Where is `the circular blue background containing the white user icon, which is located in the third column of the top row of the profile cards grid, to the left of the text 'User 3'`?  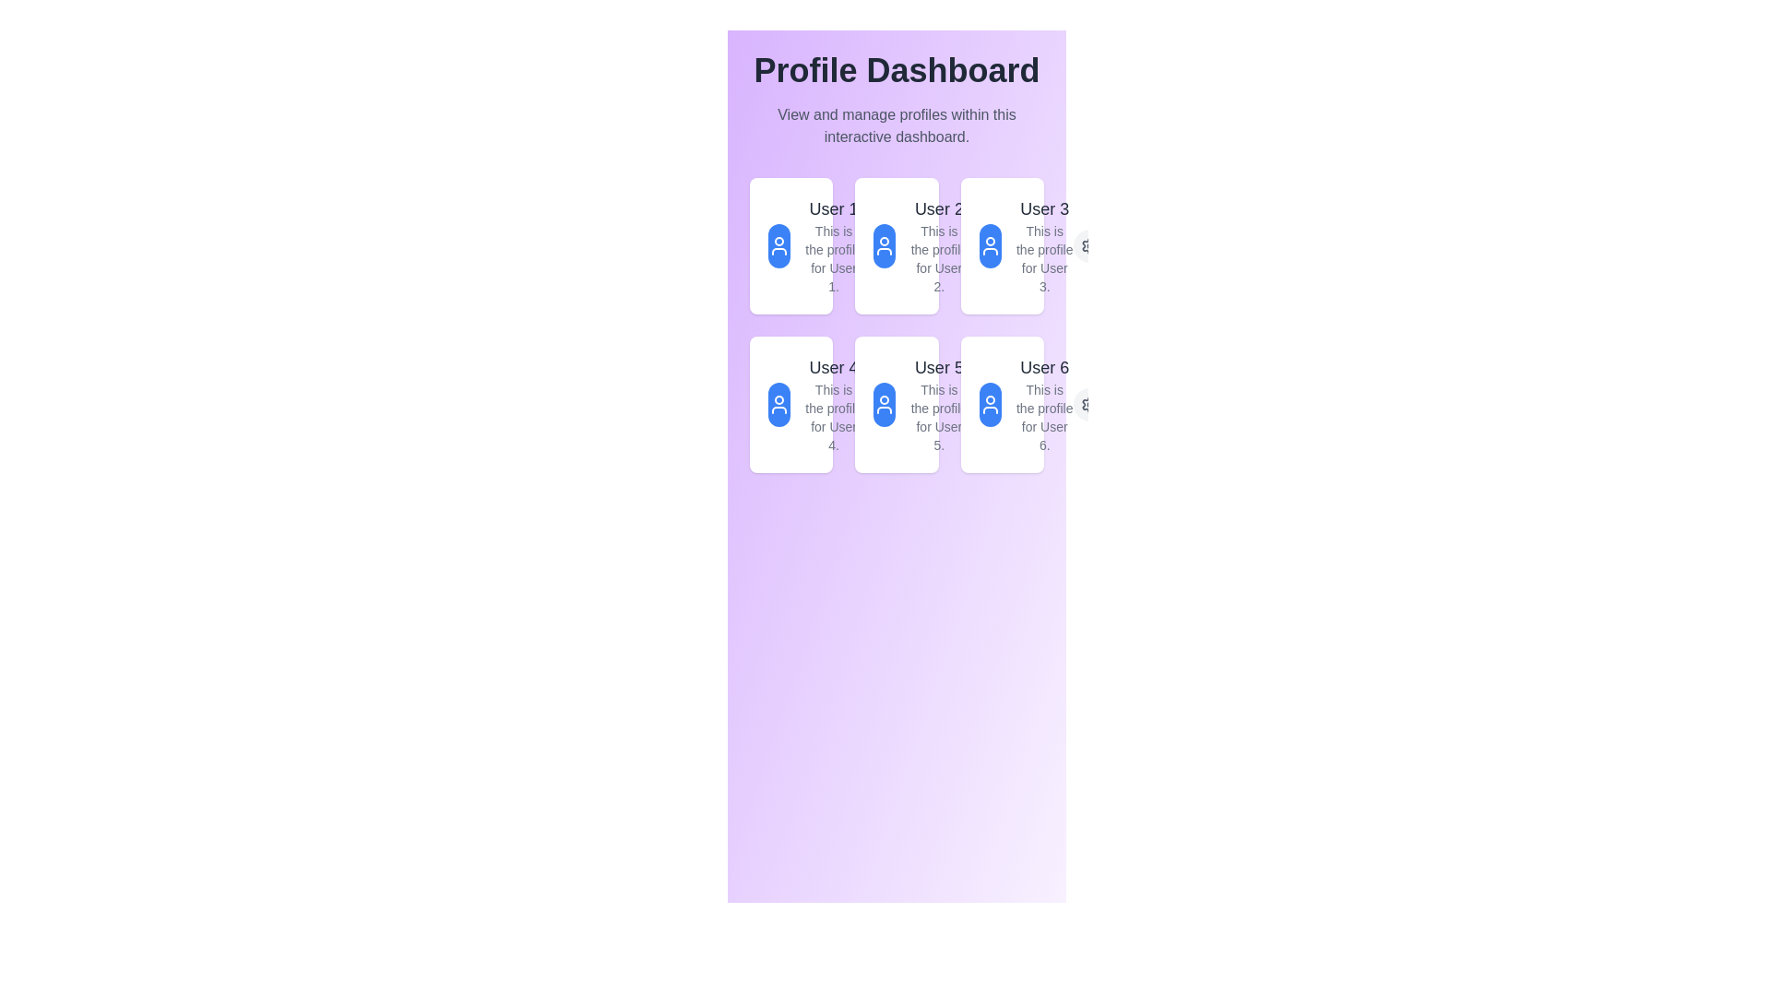 the circular blue background containing the white user icon, which is located in the third column of the top row of the profile cards grid, to the left of the text 'User 3' is located at coordinates (989, 244).